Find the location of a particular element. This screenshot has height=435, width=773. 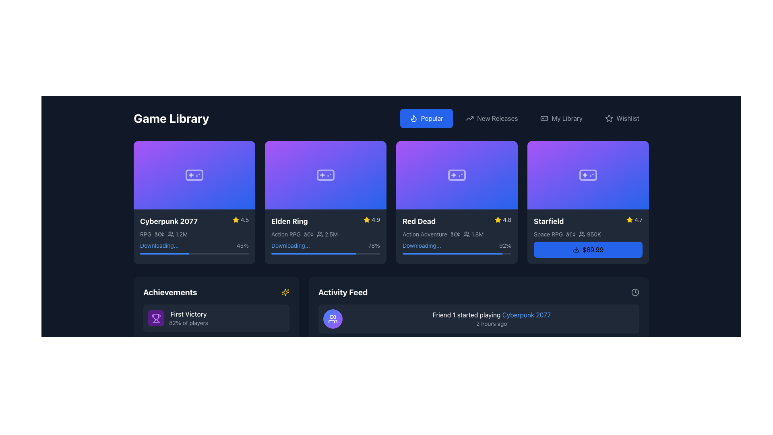

the visual icon representing the 'First Victory' achievement, which is positioned to the left of the text 'First Victory' and '82% of players' is located at coordinates (156, 317).